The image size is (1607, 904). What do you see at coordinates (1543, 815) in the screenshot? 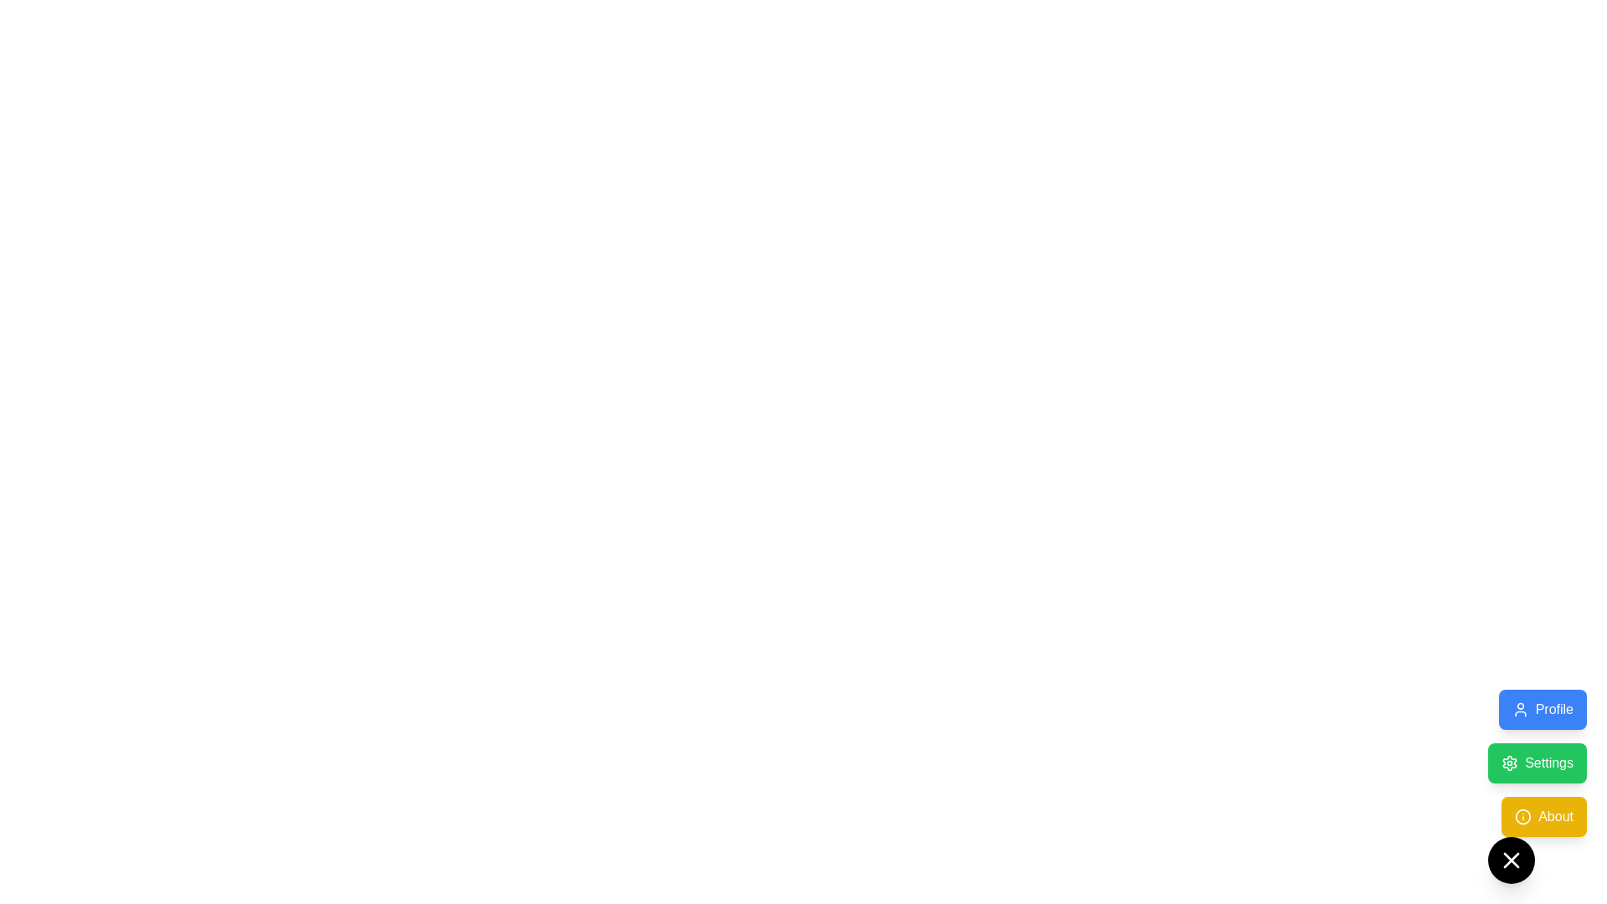
I see `the yellow 'About' button with an information icon` at bounding box center [1543, 815].